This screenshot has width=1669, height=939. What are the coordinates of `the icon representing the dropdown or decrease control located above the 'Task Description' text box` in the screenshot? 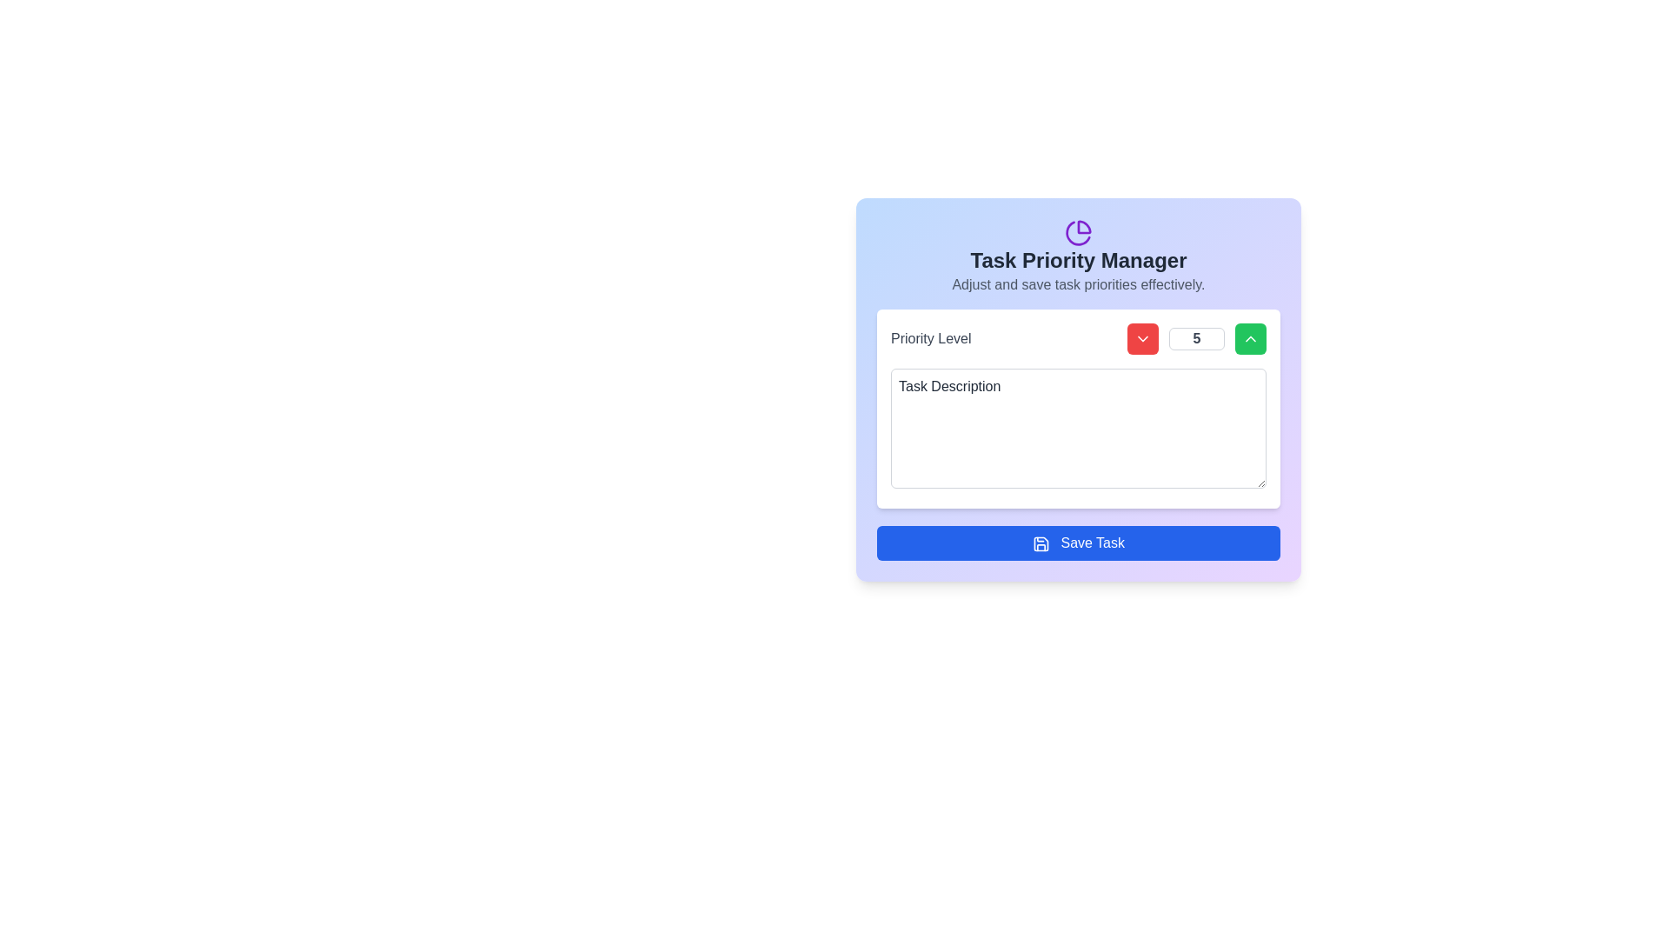 It's located at (1143, 338).